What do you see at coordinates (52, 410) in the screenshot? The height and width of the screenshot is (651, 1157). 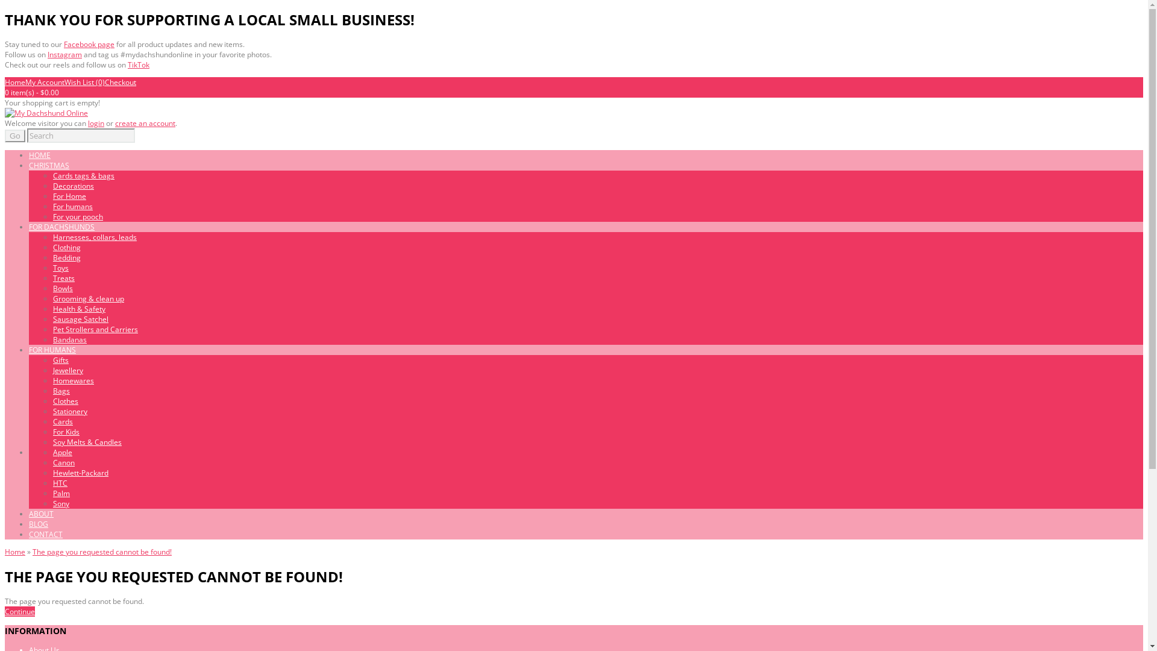 I see `'Stationery'` at bounding box center [52, 410].